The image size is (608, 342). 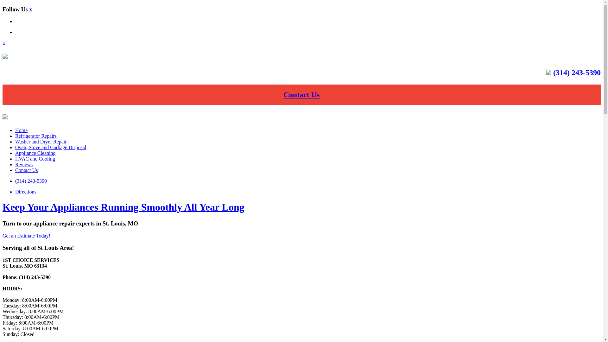 What do you see at coordinates (15, 136) in the screenshot?
I see `'Refrigerator Repairs'` at bounding box center [15, 136].